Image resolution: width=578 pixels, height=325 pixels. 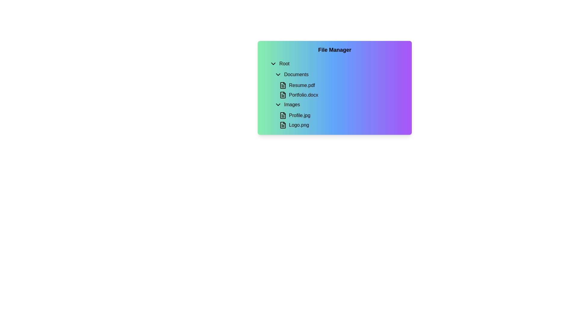 What do you see at coordinates (283, 85) in the screenshot?
I see `the file/document icon representing 'Resume.pdf' in the documents section` at bounding box center [283, 85].